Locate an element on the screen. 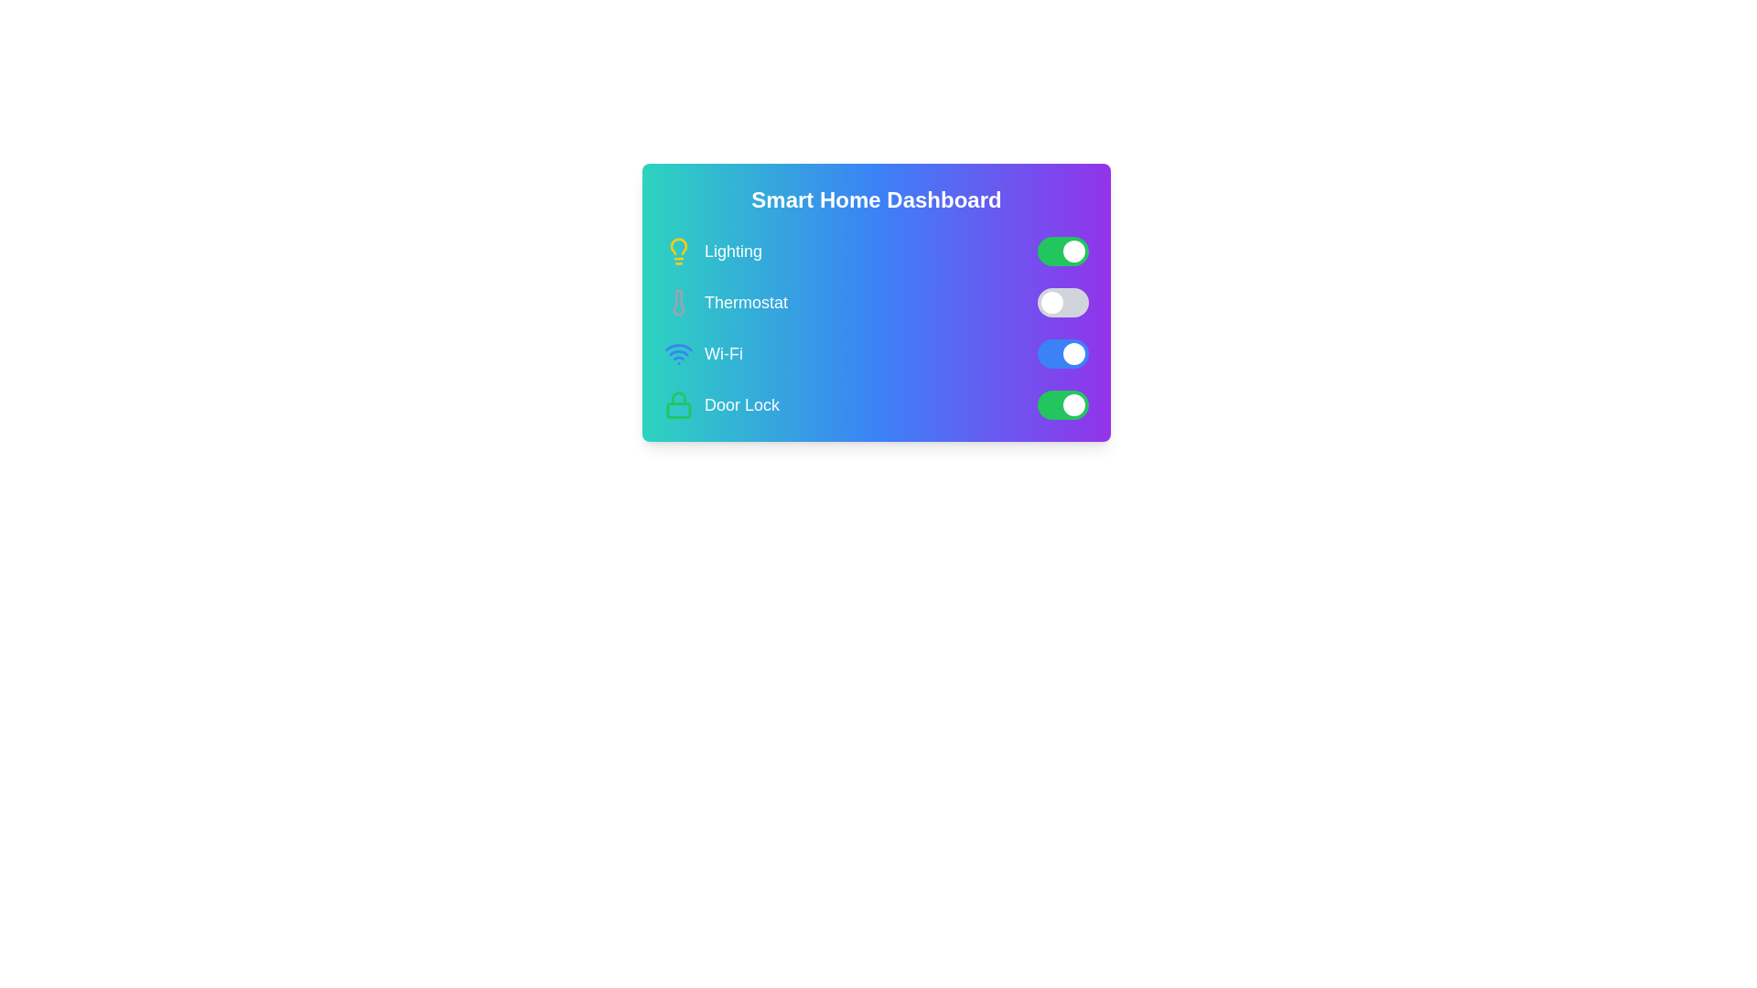  the text label displaying 'Lighting', which is styled in a medium-weight font and is part of a group layout with a yellow lightbulb icon, located in the Smart Home Dashboard is located at coordinates (733, 251).